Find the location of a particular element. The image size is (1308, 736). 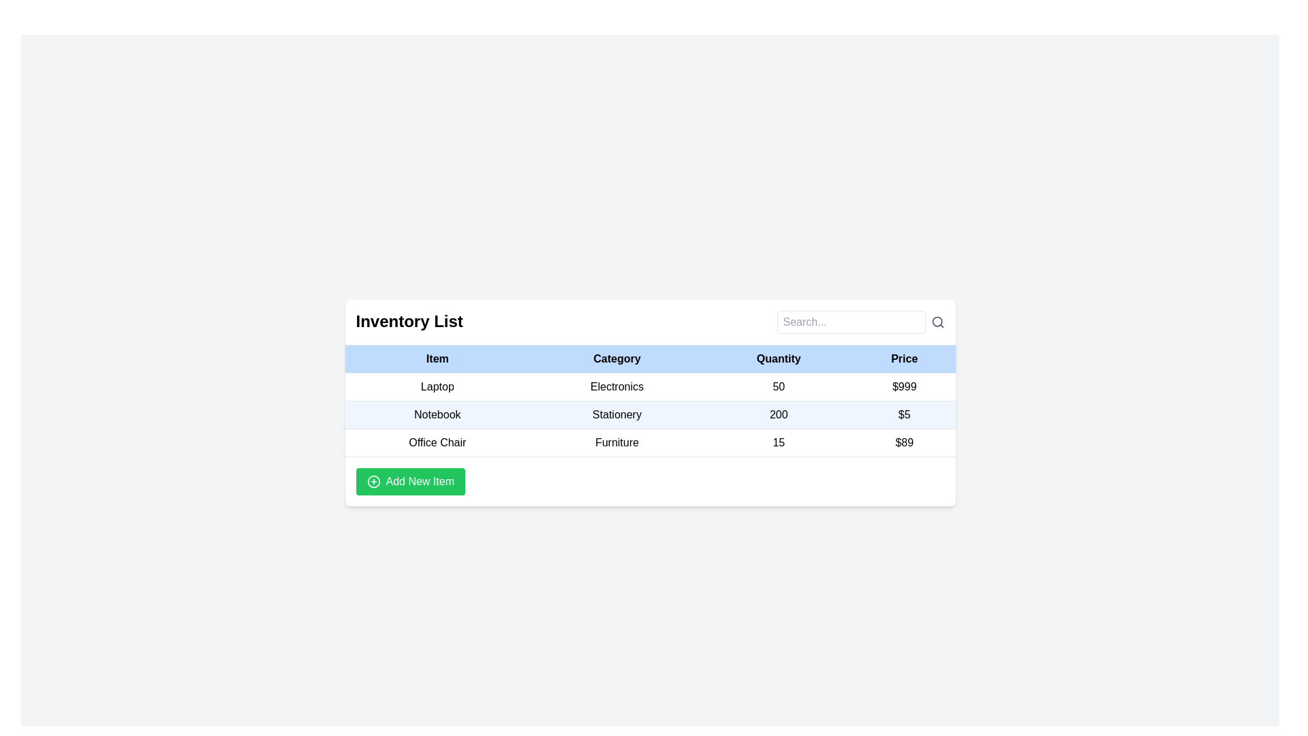

the 'Add New Item' button, which is a vibrant green rectangular button with rounded corners located at the bottom left of the panel is located at coordinates (409, 480).